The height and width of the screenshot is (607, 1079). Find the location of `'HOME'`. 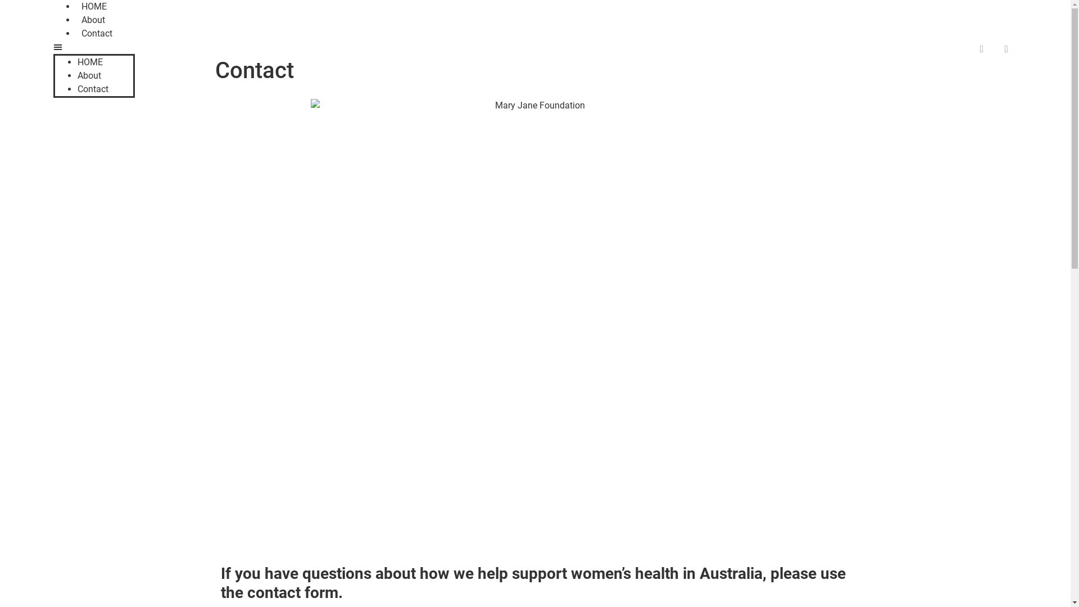

'HOME' is located at coordinates (77, 62).